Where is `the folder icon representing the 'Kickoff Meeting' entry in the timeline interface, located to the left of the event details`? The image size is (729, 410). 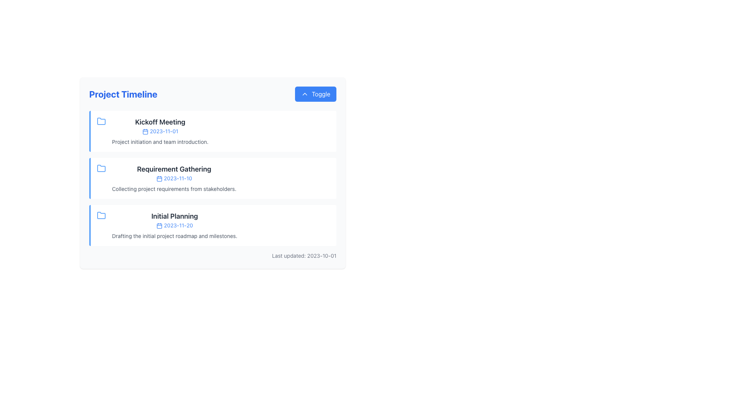
the folder icon representing the 'Kickoff Meeting' entry in the timeline interface, located to the left of the event details is located at coordinates (101, 121).